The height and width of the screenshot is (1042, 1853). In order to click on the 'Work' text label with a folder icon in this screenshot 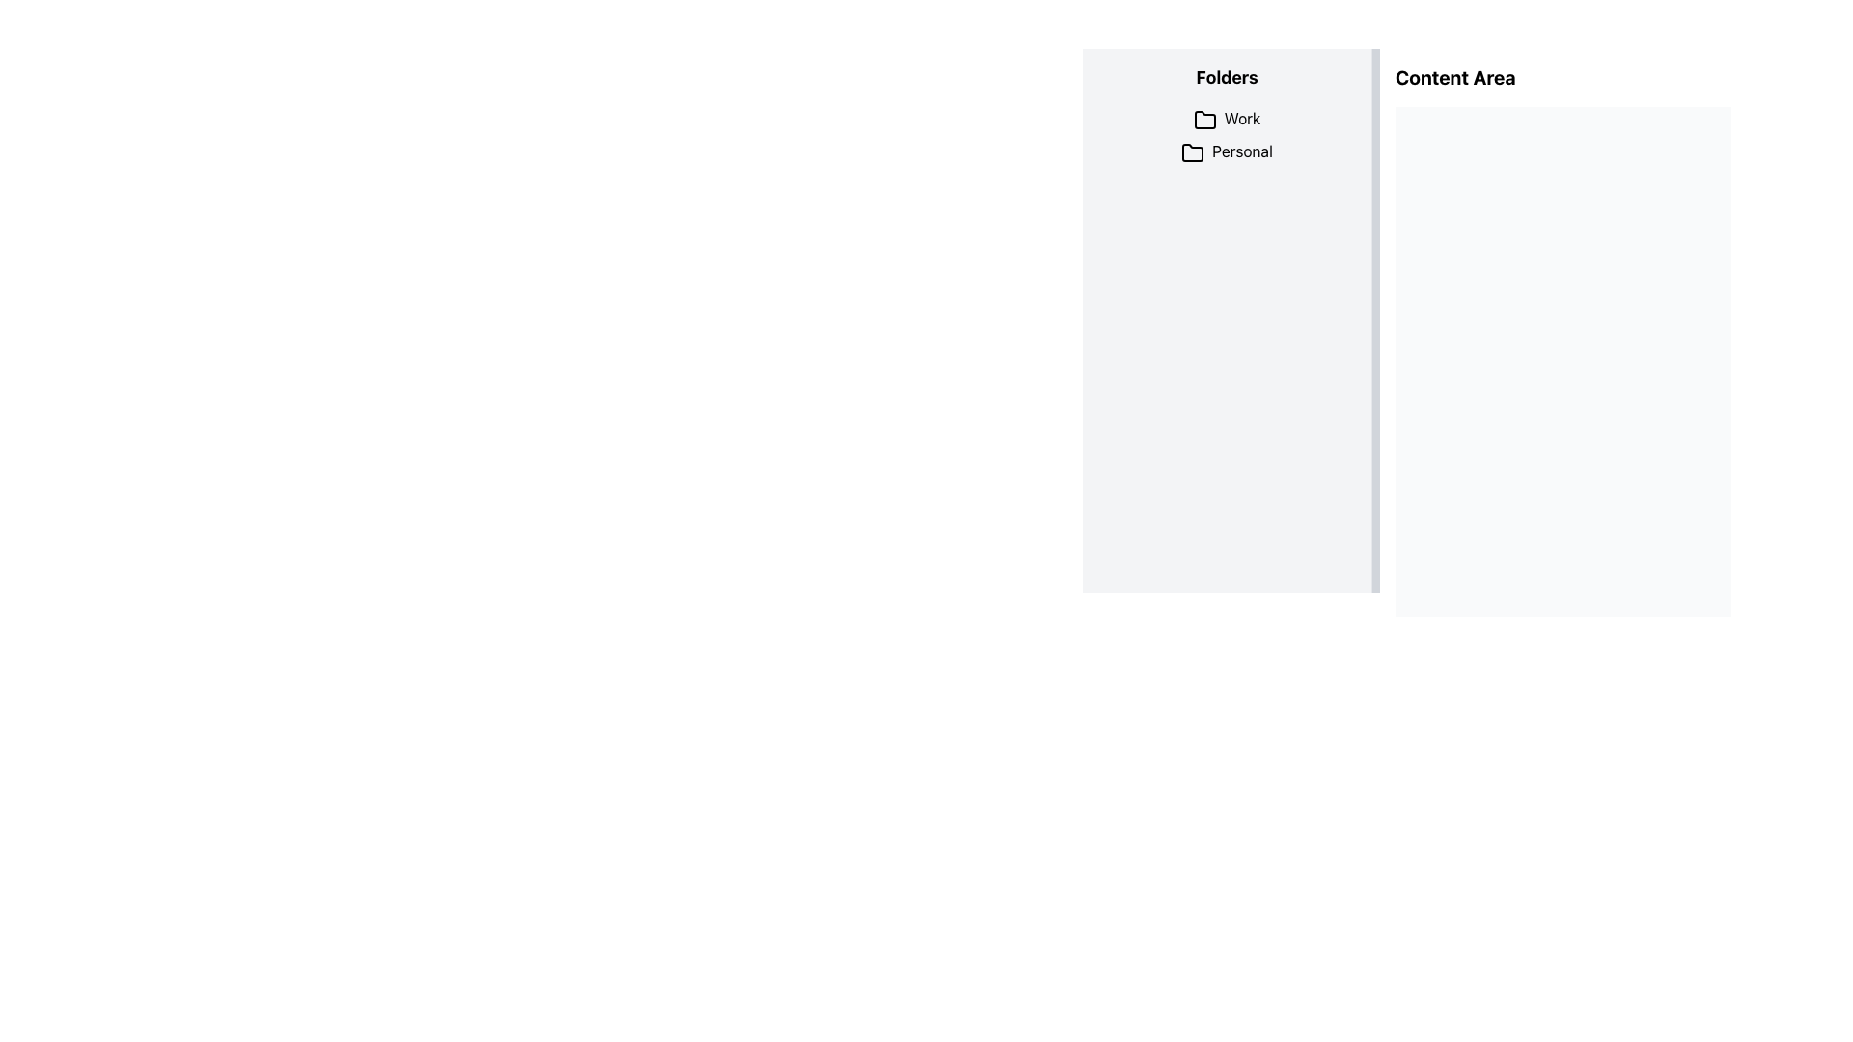, I will do `click(1226, 119)`.